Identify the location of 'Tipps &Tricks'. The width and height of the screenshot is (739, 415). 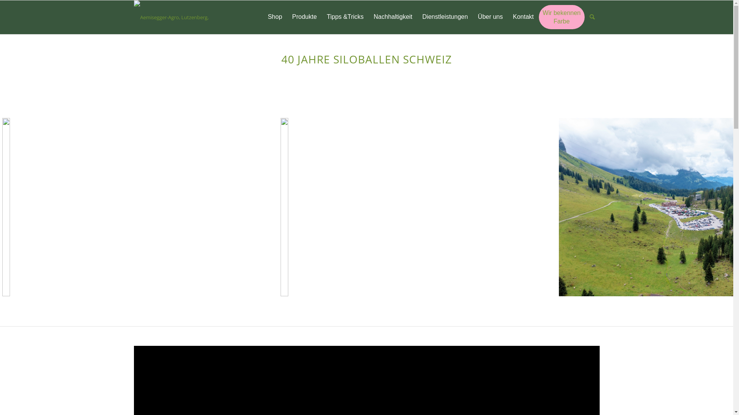
(345, 17).